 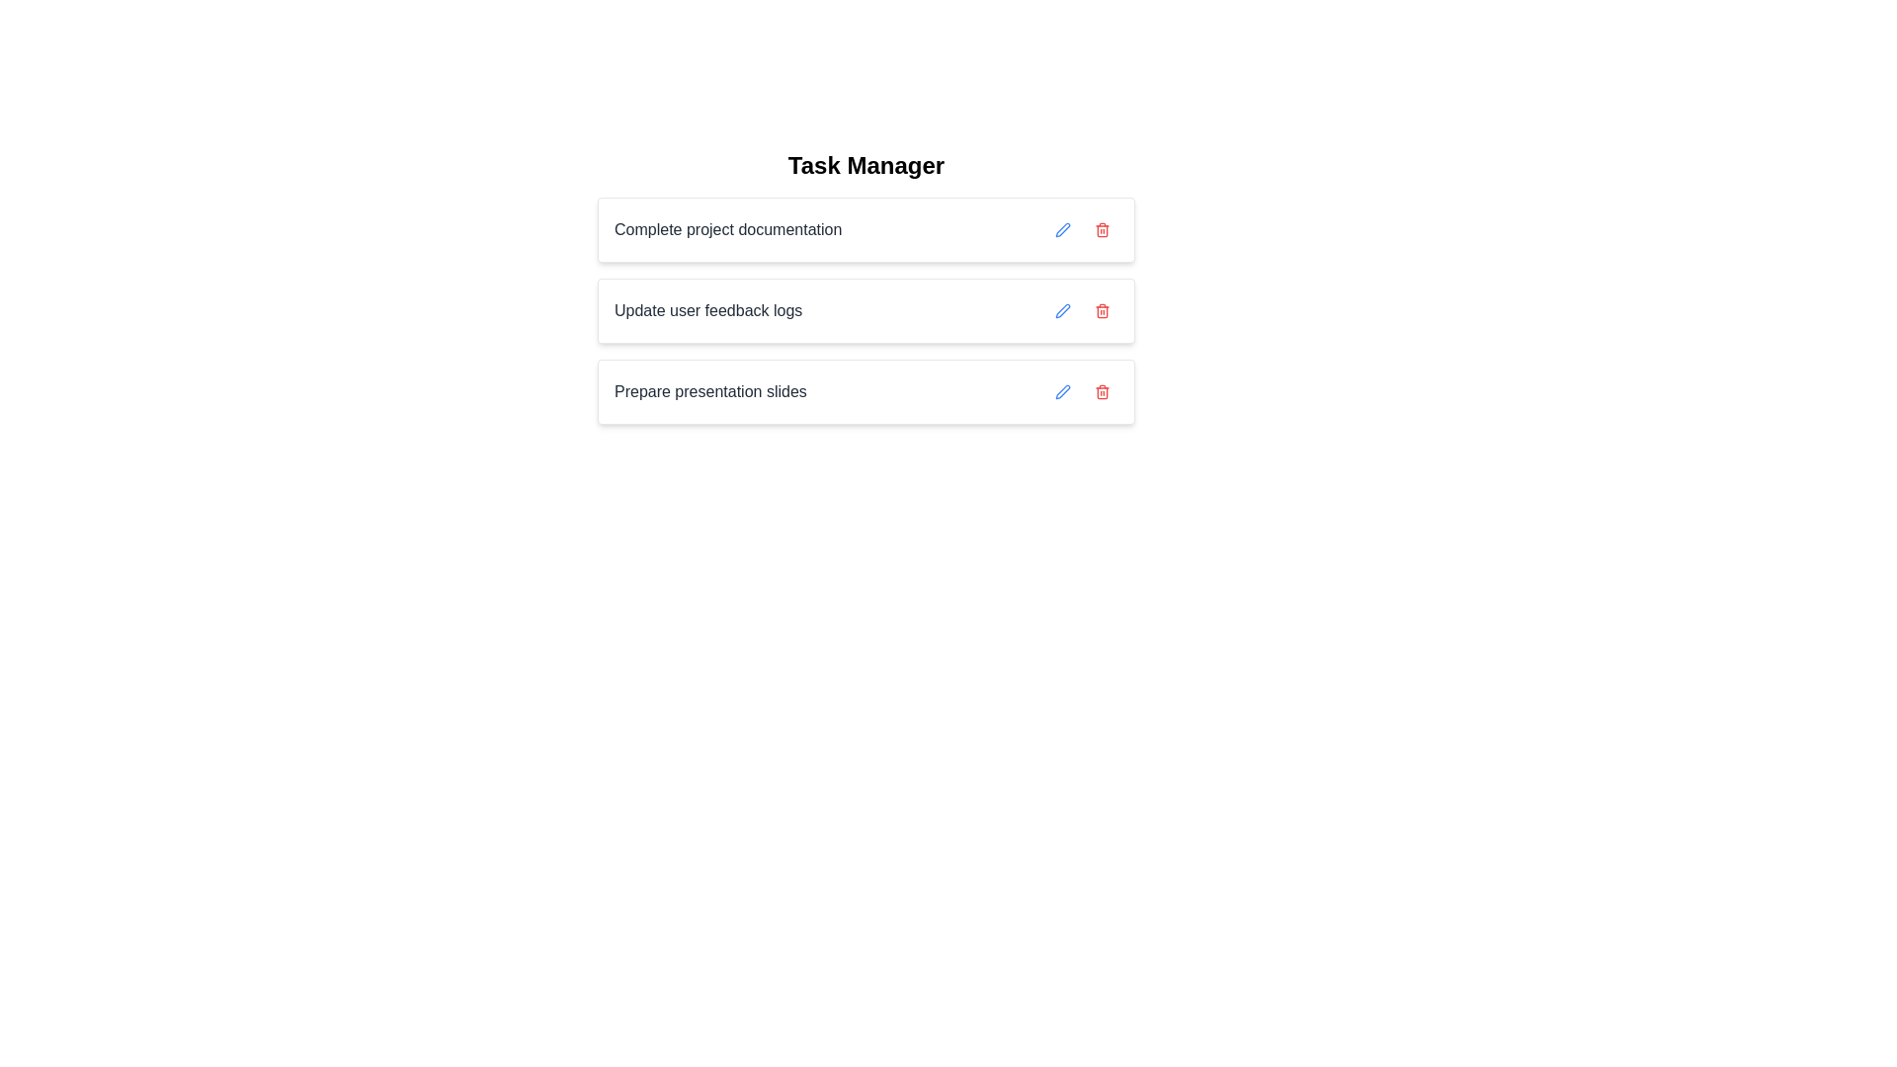 I want to click on the edit button located to the left of the red trash bin icon, which allows users to modify the corresponding task description, so click(x=1061, y=228).